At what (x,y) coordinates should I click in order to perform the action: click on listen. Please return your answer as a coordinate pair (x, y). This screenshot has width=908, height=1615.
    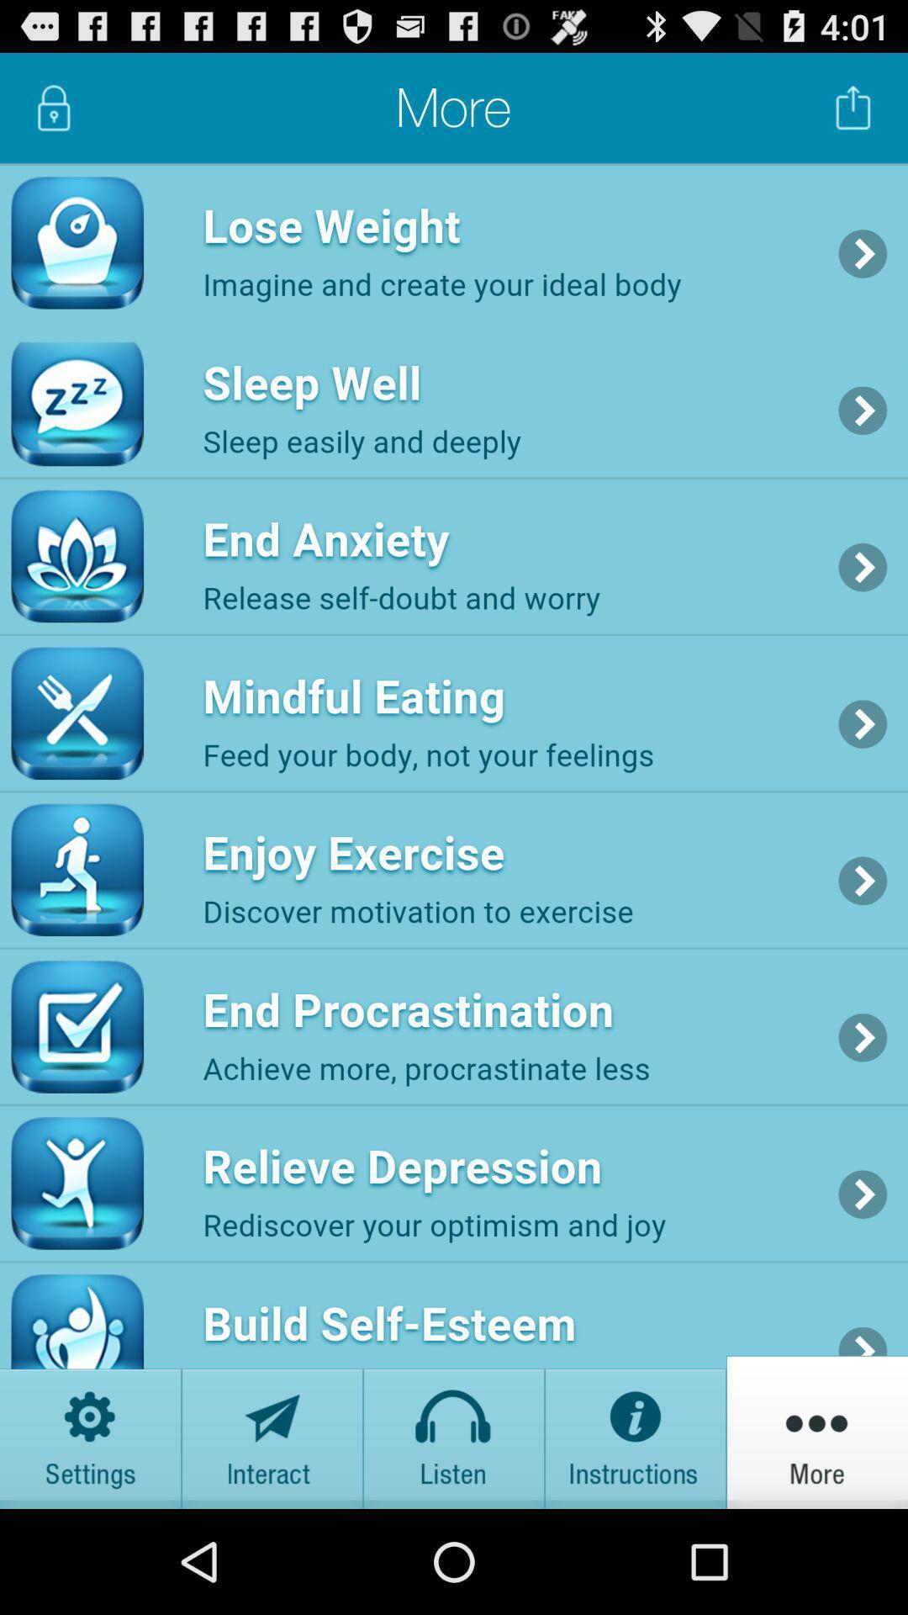
    Looking at the image, I should click on (454, 1431).